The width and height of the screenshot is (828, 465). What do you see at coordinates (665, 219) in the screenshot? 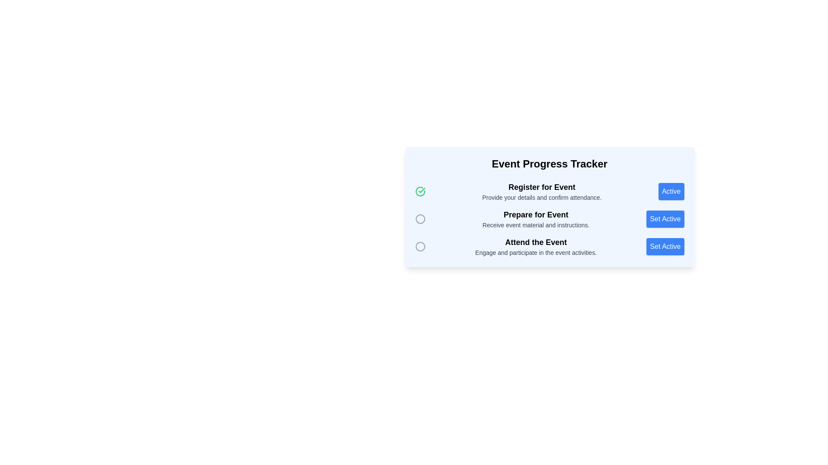
I see `the button with a blue background and white text reading 'Set Active' in the 'Prepare for Event' section of the 'Event Progress Tracker' card` at bounding box center [665, 219].